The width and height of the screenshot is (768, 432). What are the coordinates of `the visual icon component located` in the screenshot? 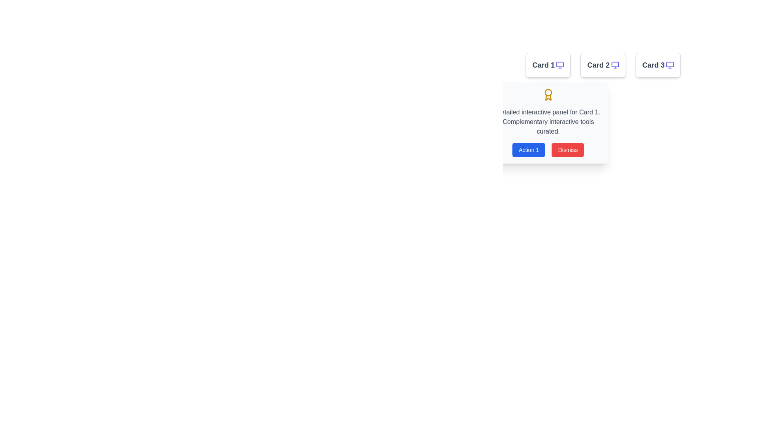 It's located at (670, 64).